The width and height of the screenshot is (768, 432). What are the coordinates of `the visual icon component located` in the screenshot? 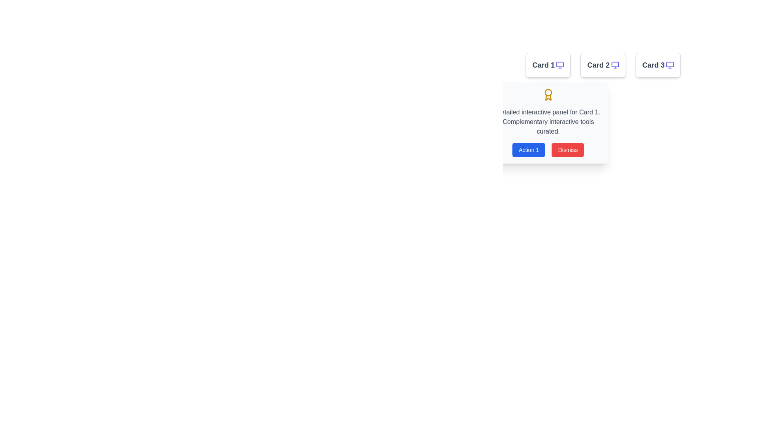 It's located at (670, 64).